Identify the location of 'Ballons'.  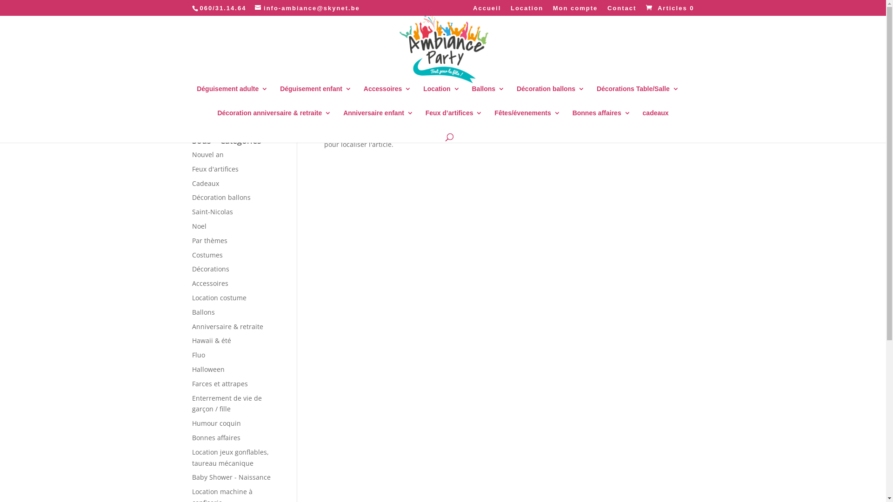
(202, 312).